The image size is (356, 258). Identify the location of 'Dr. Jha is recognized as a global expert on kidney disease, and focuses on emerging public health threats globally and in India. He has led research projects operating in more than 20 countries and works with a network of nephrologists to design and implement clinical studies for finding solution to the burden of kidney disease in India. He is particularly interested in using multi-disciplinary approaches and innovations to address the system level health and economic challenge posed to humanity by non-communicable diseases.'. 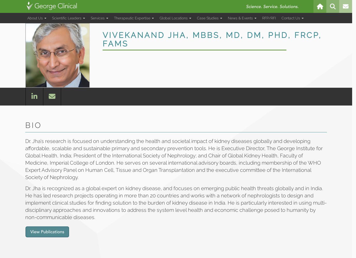
(25, 203).